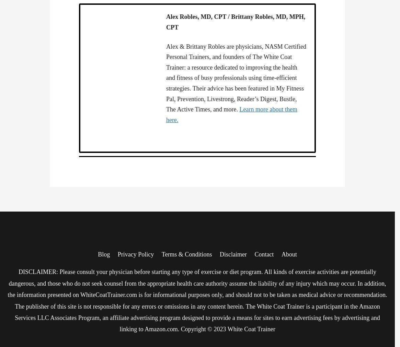 This screenshot has height=347, width=400. Describe the element at coordinates (103, 254) in the screenshot. I see `'Blog'` at that location.